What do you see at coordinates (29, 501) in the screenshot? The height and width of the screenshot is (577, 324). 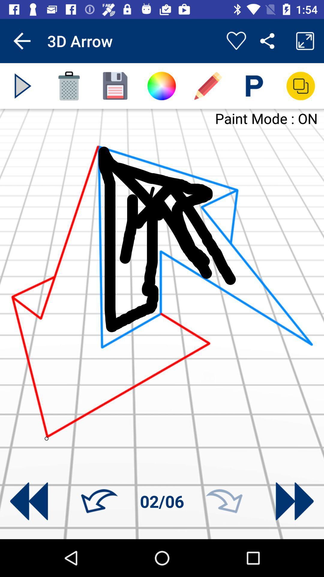 I see `back page` at bounding box center [29, 501].